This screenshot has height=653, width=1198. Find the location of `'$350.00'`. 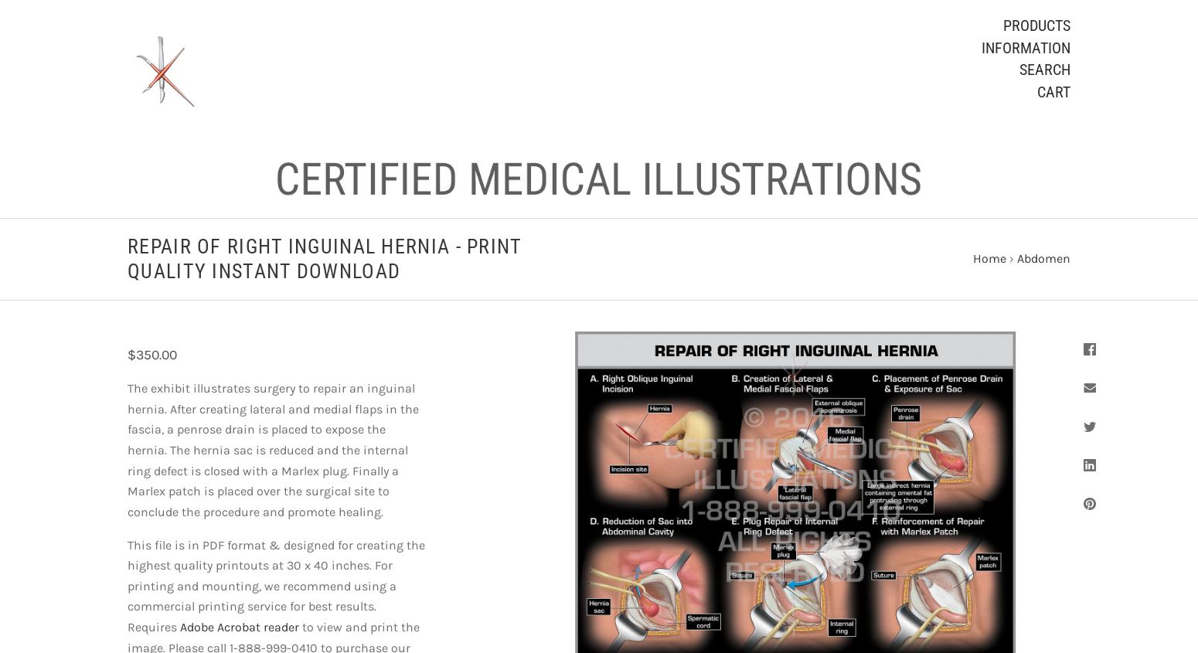

'$350.00' is located at coordinates (151, 353).